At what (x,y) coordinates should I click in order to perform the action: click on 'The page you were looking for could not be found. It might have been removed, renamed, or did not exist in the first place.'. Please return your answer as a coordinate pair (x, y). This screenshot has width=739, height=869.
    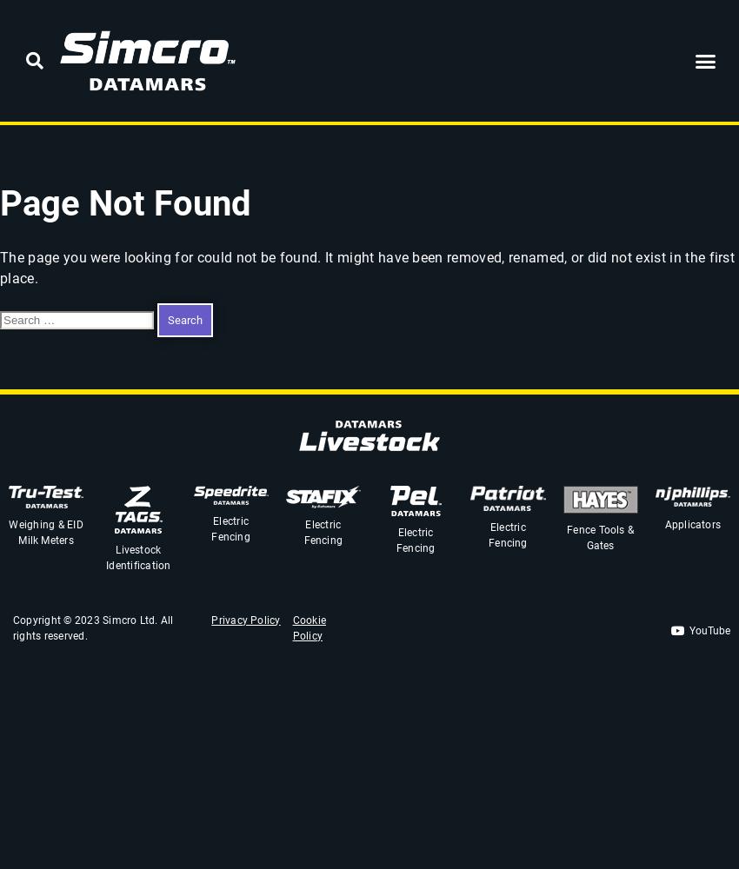
    Looking at the image, I should click on (367, 267).